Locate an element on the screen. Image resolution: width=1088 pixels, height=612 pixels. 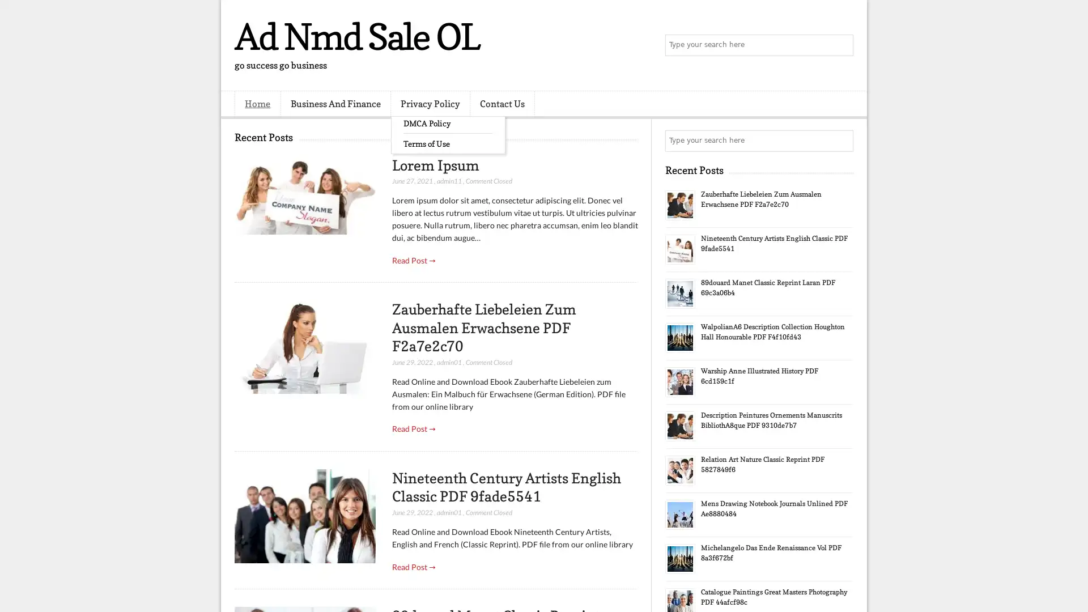
Search is located at coordinates (841, 141).